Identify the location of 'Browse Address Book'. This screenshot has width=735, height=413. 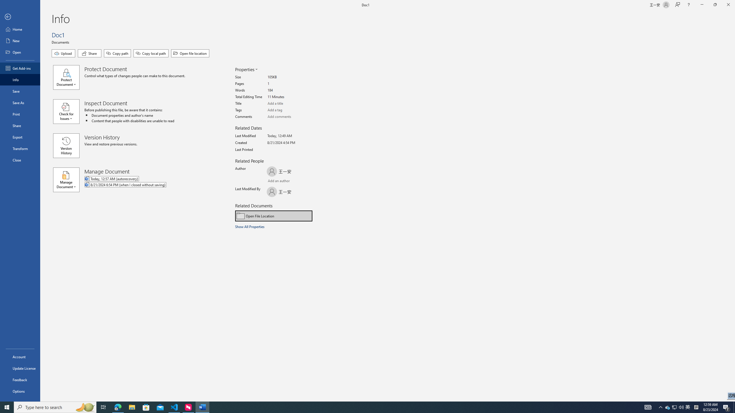
(301, 181).